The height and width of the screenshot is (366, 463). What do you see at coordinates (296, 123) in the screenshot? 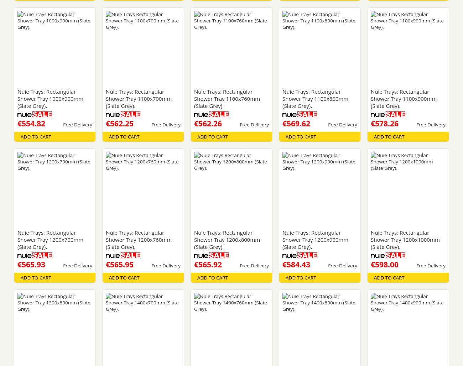
I see `'€569.62'` at bounding box center [296, 123].